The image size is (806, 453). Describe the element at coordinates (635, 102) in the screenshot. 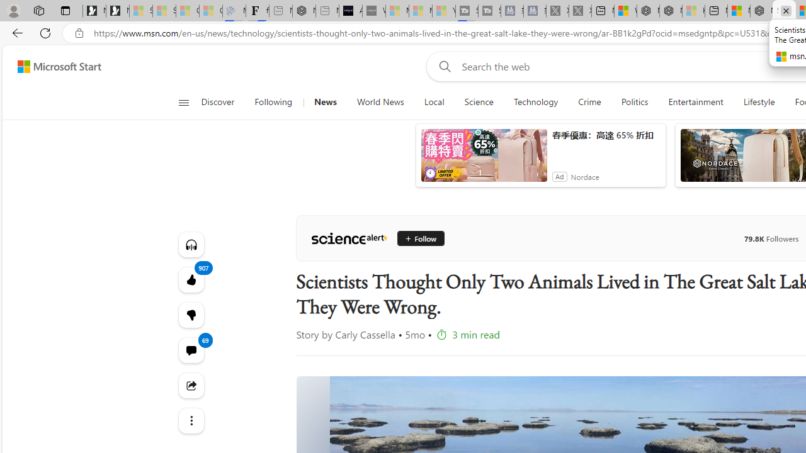

I see `'Politics'` at that location.